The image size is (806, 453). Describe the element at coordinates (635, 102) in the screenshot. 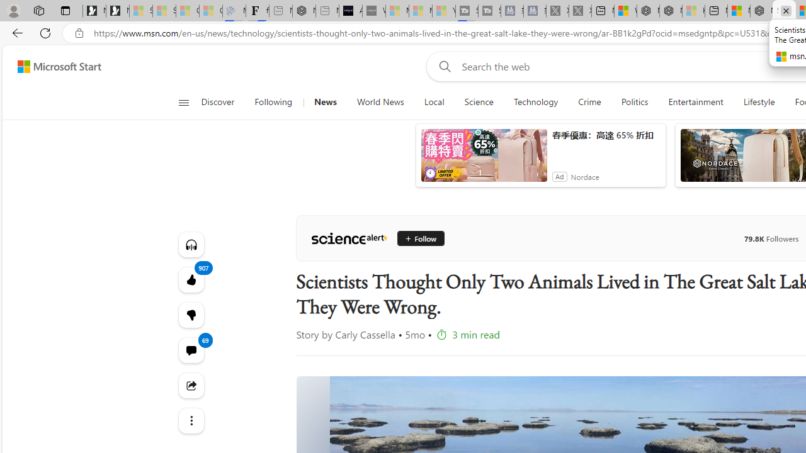

I see `'Politics'` at that location.